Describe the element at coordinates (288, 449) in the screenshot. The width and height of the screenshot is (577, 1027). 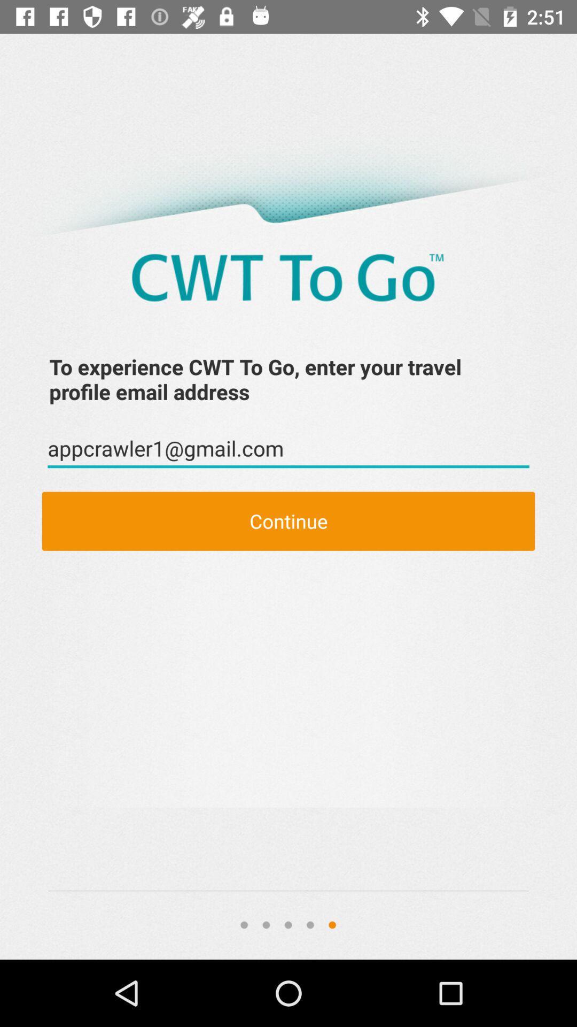
I see `item above the continue` at that location.